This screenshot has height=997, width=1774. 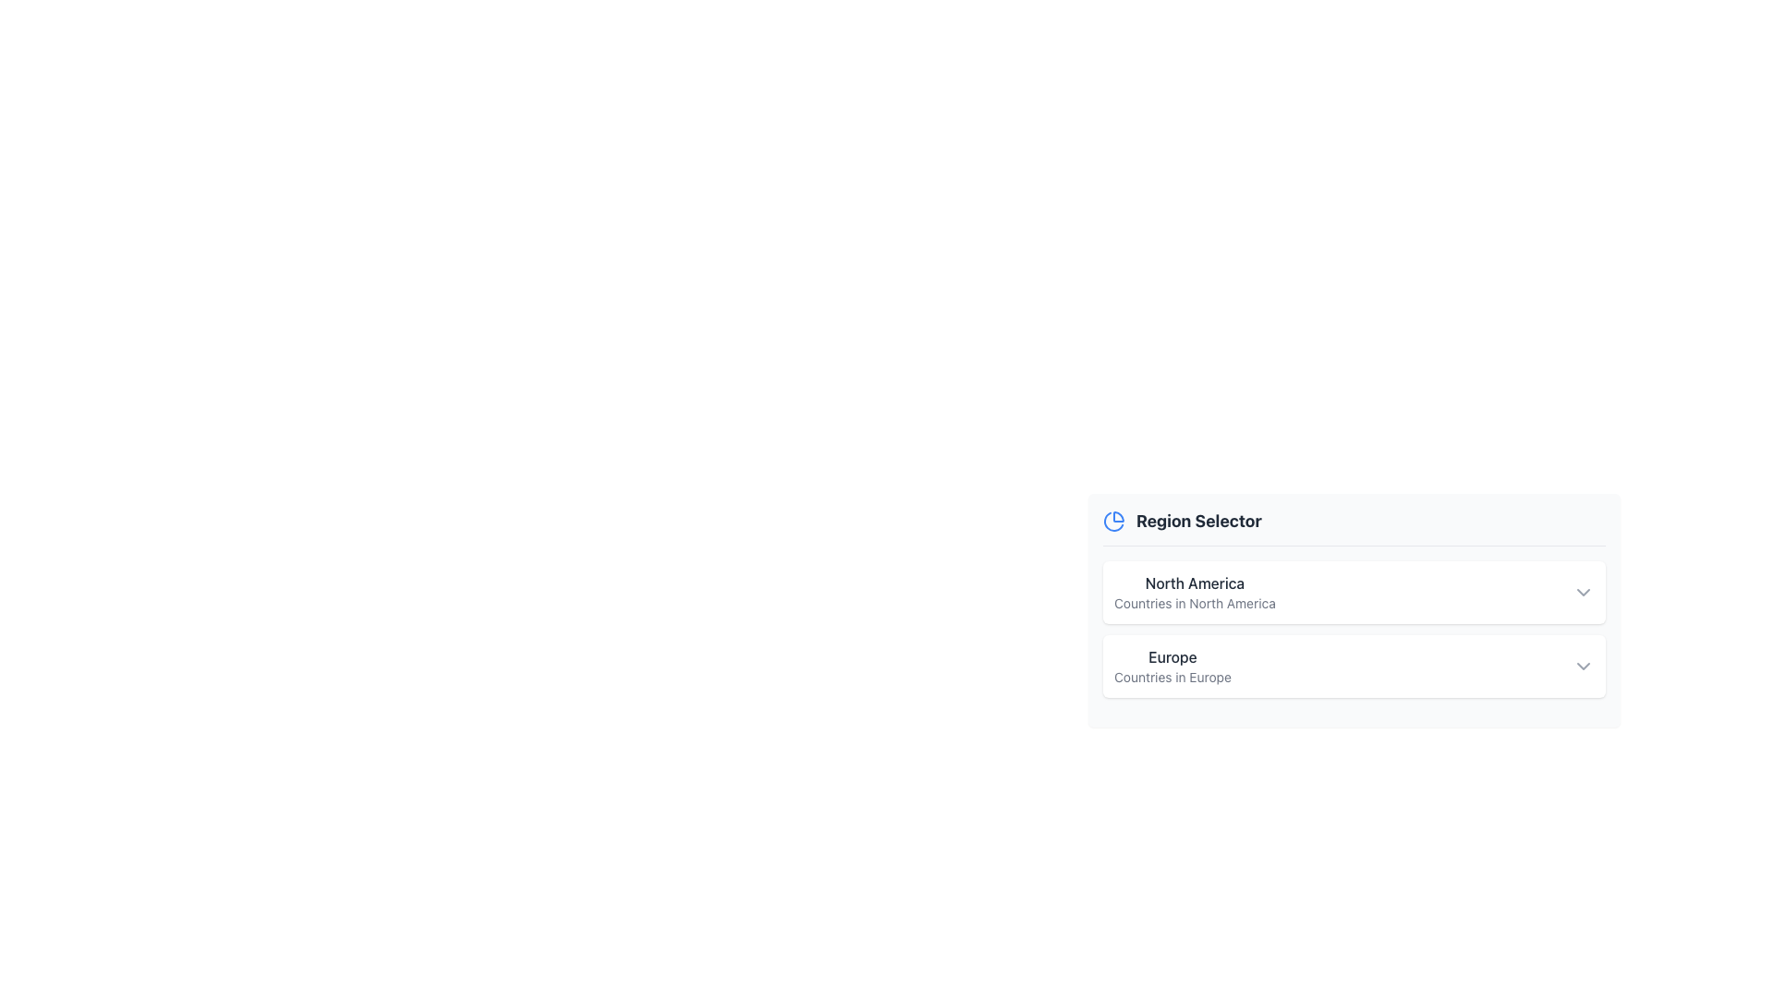 What do you see at coordinates (1582, 592) in the screenshot?
I see `the downward-facing chevron icon in the North America region selector box` at bounding box center [1582, 592].